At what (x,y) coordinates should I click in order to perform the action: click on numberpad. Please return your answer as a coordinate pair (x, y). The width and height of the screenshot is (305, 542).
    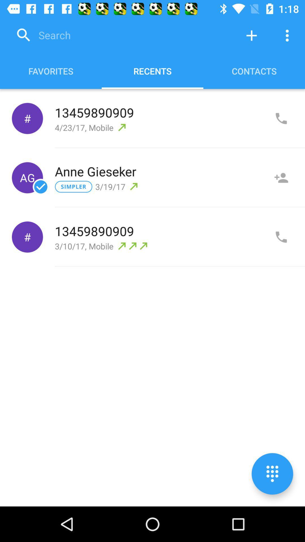
    Looking at the image, I should click on (272, 474).